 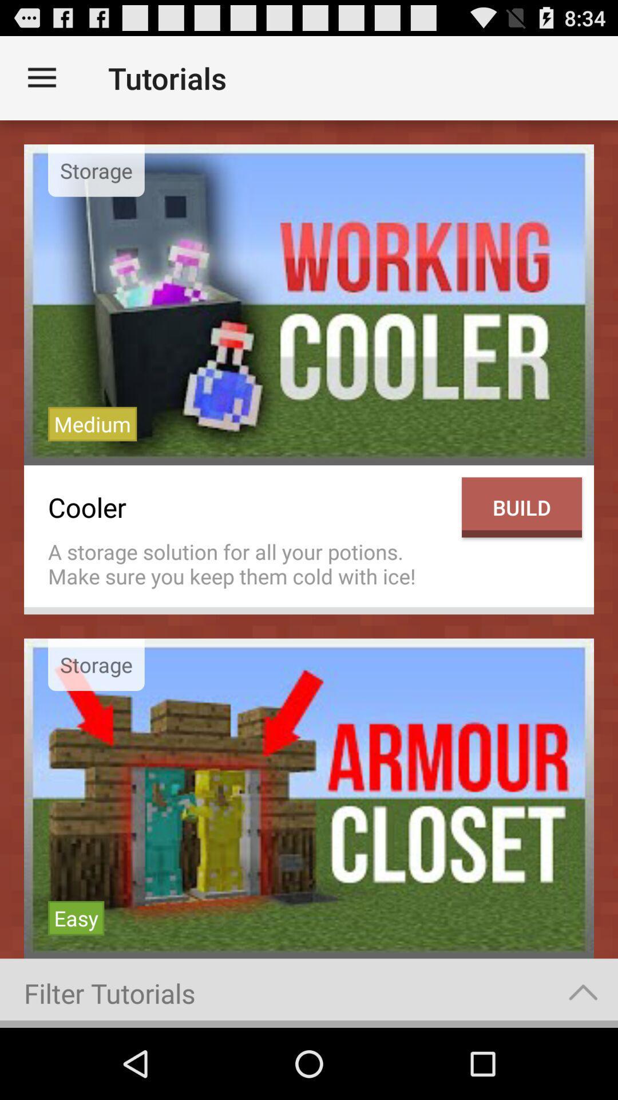 I want to click on the icon below storage item, so click(x=76, y=918).